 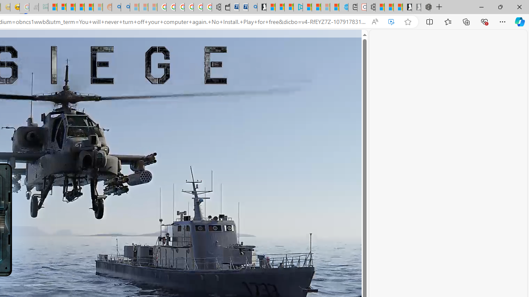 I want to click on 'DITOGAMES AG Imprint - Sleeping', so click(x=43, y=7).